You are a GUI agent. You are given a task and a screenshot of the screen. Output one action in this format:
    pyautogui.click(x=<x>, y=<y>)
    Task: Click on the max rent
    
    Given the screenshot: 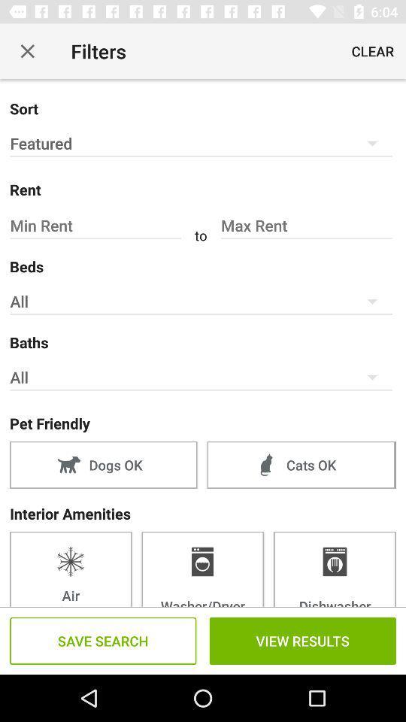 What is the action you would take?
    pyautogui.click(x=305, y=225)
    